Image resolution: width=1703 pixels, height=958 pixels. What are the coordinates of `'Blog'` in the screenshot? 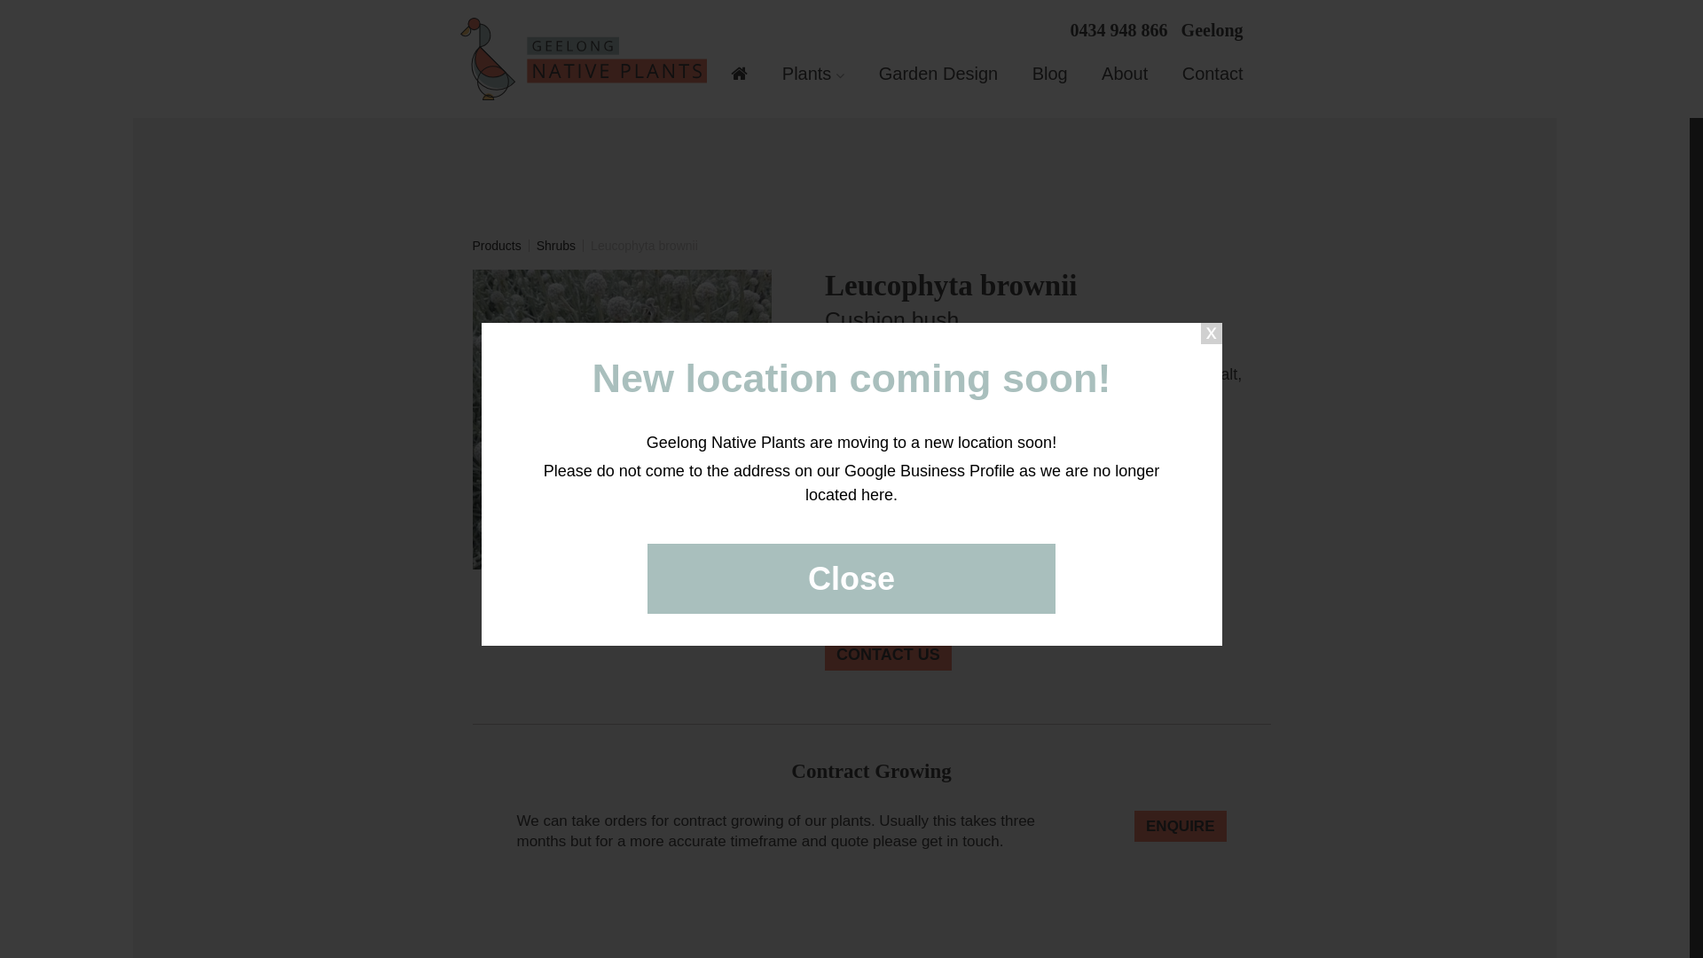 It's located at (1032, 73).